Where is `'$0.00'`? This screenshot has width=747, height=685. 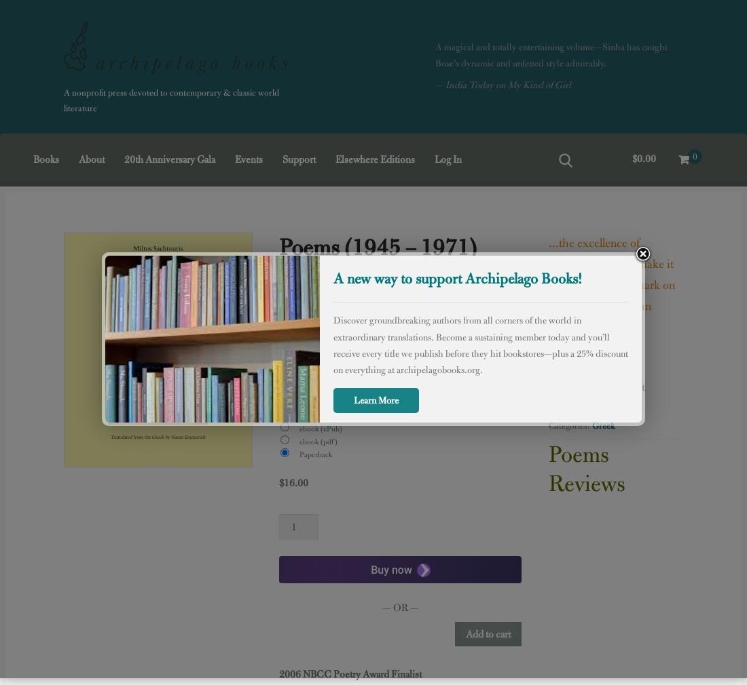 '$0.00' is located at coordinates (644, 158).